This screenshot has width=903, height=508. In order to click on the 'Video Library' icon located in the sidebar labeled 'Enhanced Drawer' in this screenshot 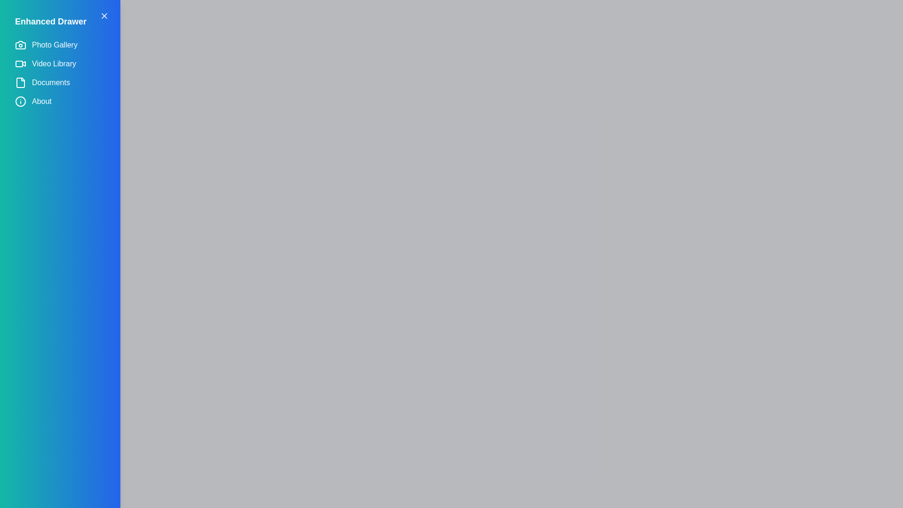, I will do `click(20, 63)`.